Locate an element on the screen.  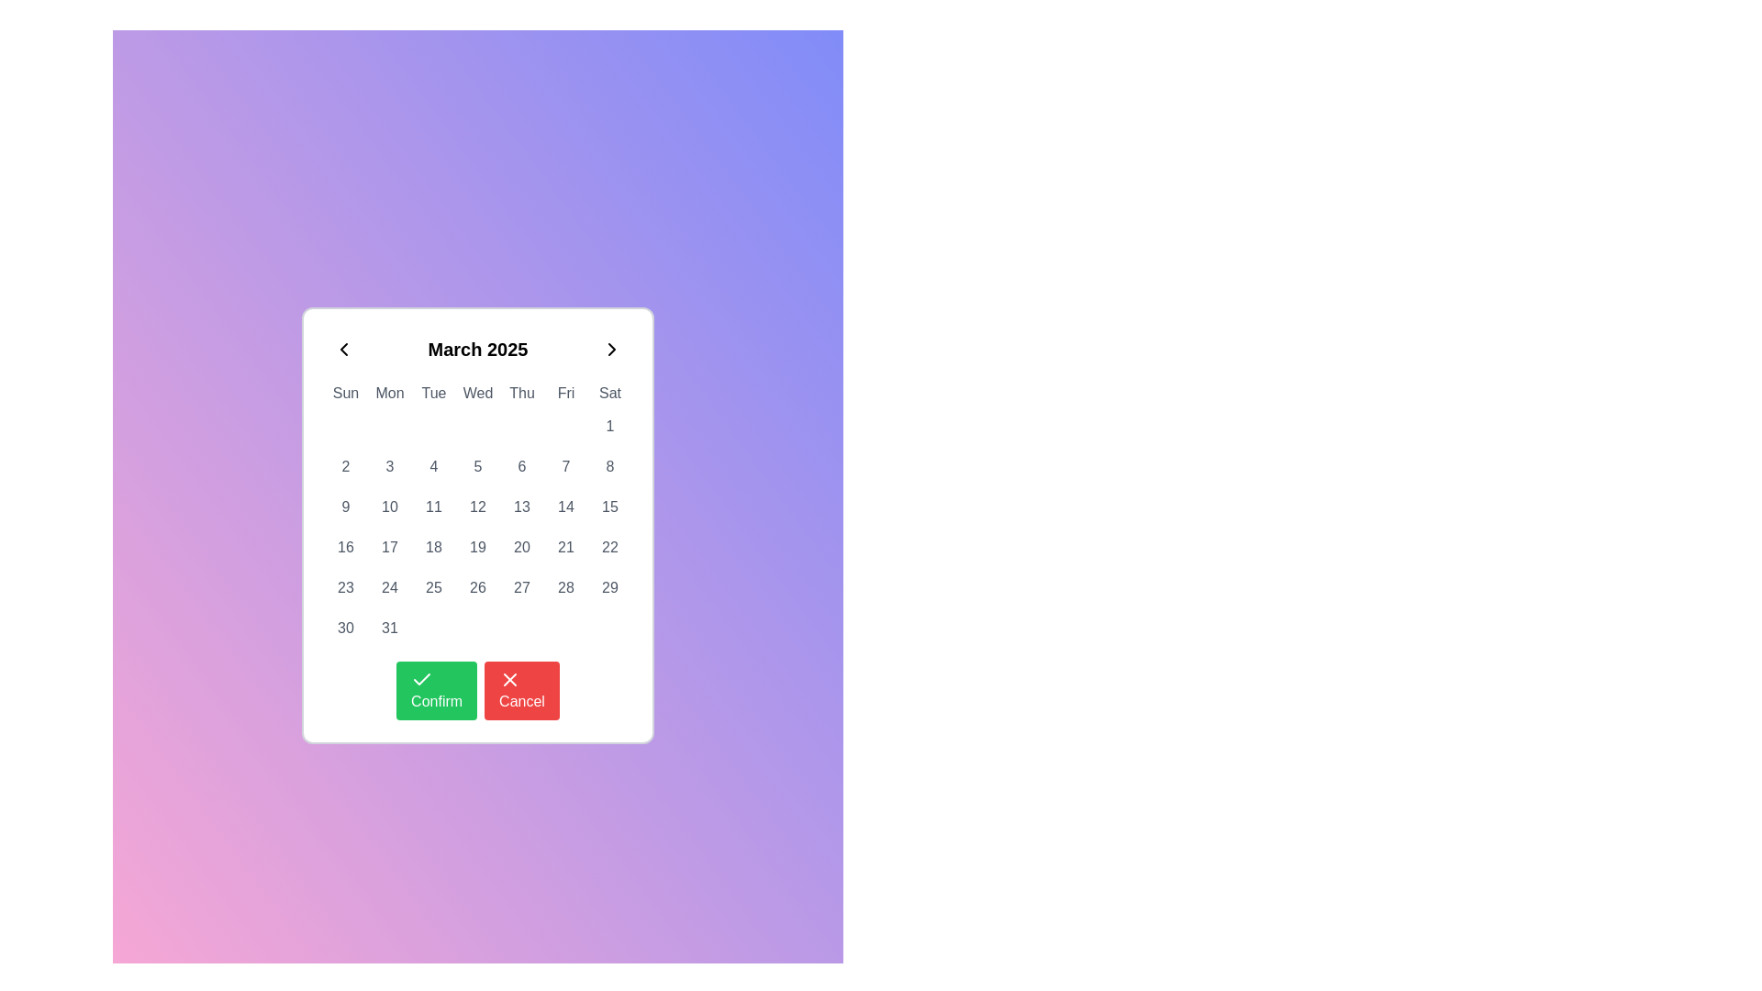
the decorative marker located under the 'Wed' column in the second row of the calendar grid layout is located at coordinates (478, 427).